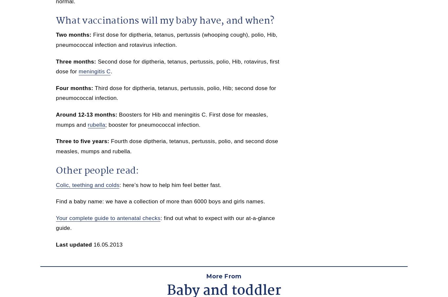 This screenshot has height=297, width=448. Describe the element at coordinates (153, 124) in the screenshot. I see `'; booster for pneumococcal infection.'` at that location.